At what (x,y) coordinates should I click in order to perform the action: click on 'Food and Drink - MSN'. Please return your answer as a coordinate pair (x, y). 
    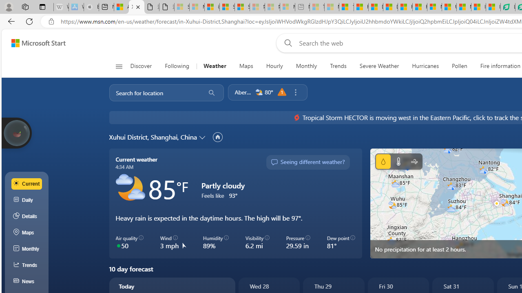
    Looking at the image, I should click on (361, 7).